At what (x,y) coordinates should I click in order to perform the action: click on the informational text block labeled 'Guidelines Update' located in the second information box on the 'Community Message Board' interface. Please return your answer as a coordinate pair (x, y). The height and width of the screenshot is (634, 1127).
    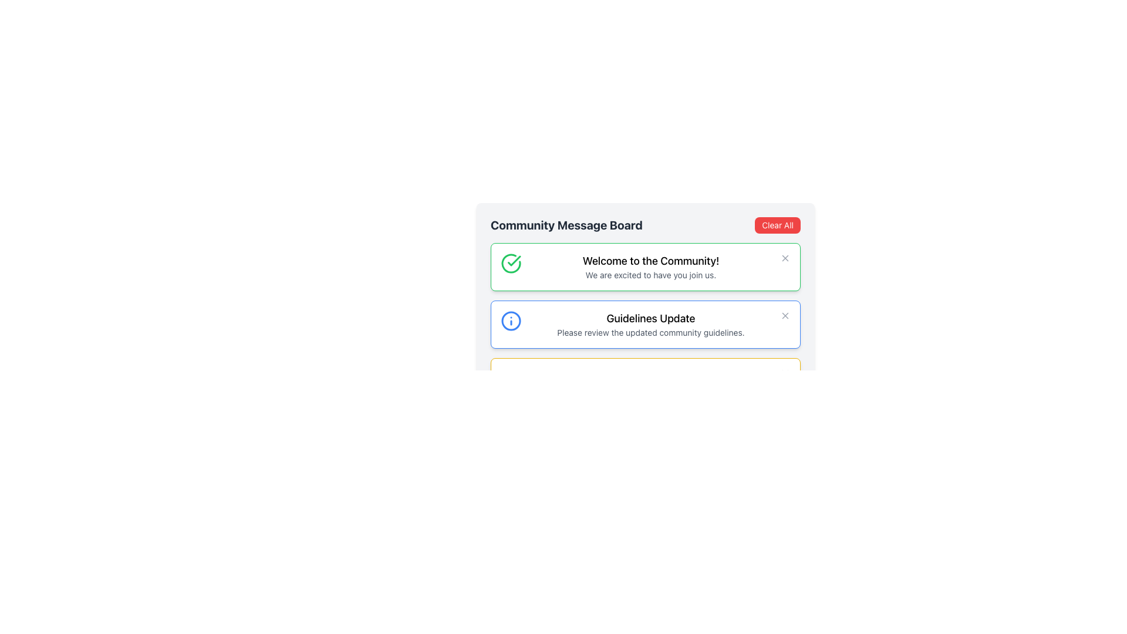
    Looking at the image, I should click on (650, 324).